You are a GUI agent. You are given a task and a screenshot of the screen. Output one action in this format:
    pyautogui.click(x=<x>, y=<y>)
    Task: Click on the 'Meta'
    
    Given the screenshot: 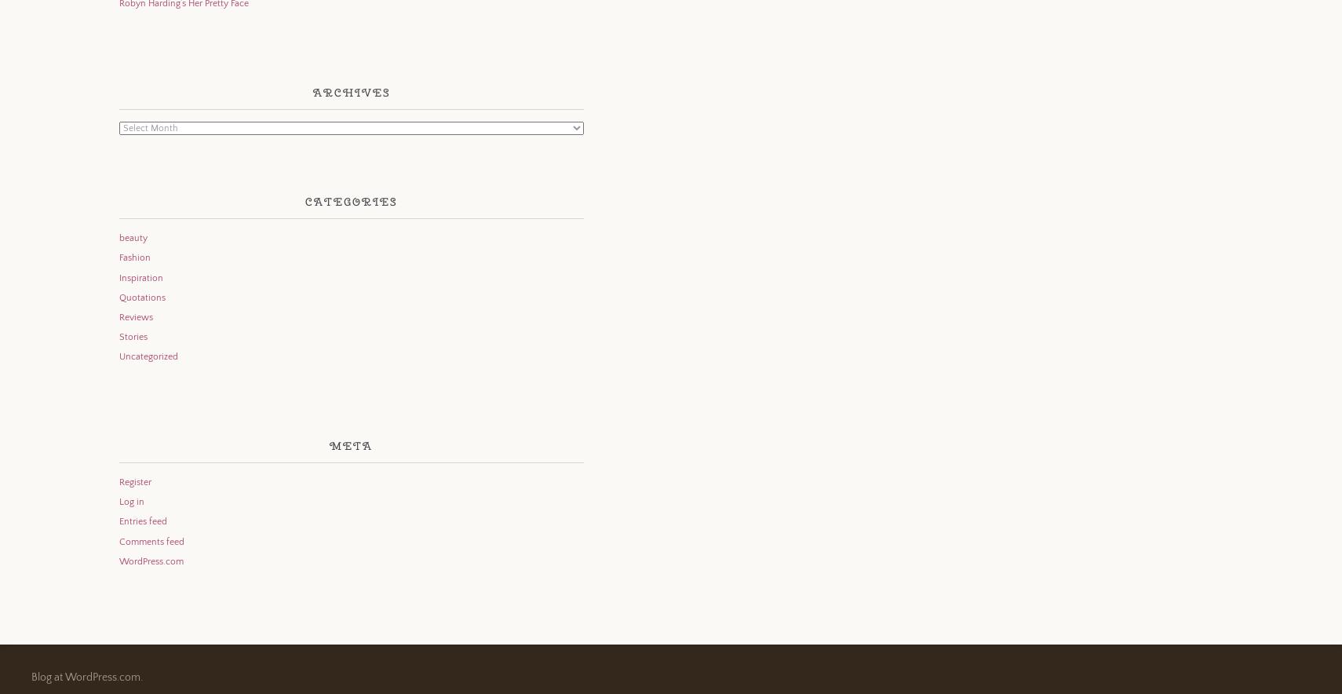 What is the action you would take?
    pyautogui.click(x=328, y=444)
    